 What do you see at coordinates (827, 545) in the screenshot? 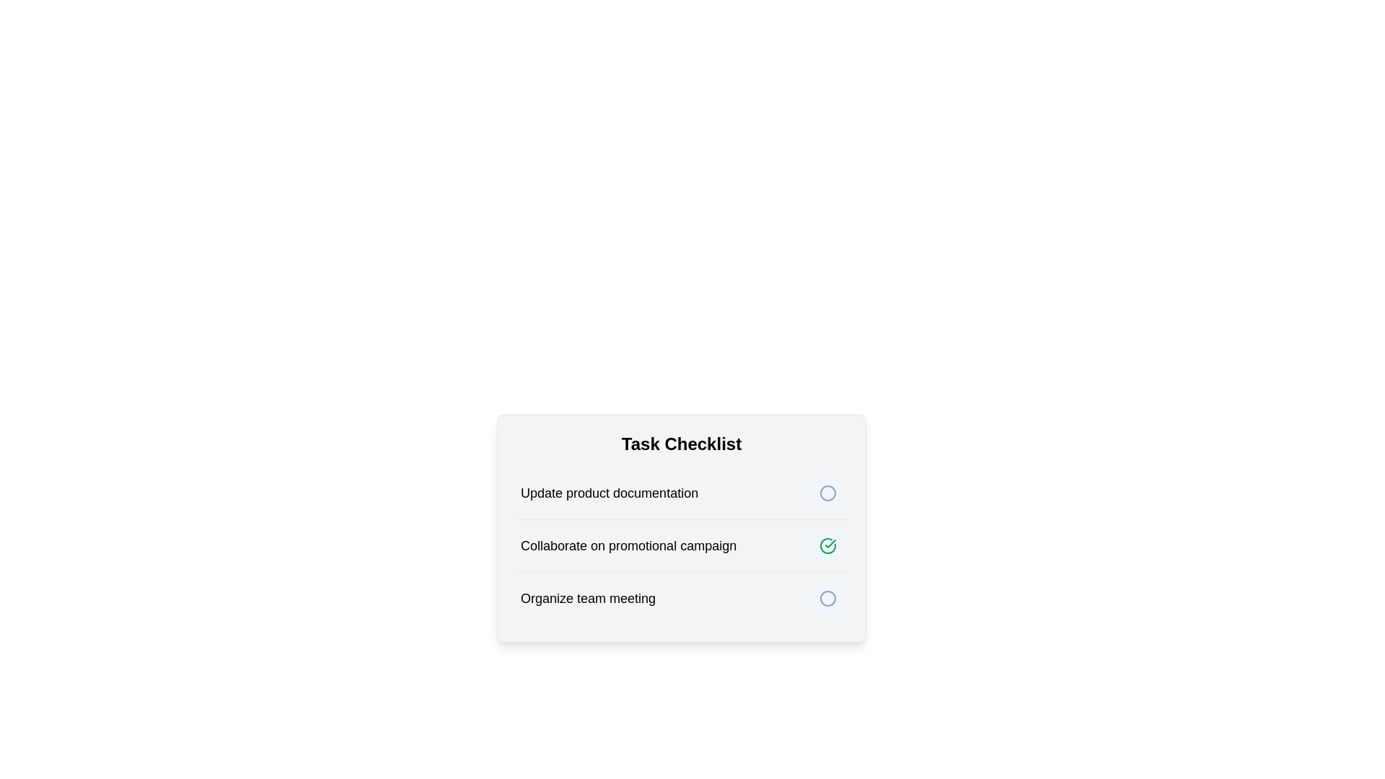
I see `the circular button with a green checkmark icon` at bounding box center [827, 545].